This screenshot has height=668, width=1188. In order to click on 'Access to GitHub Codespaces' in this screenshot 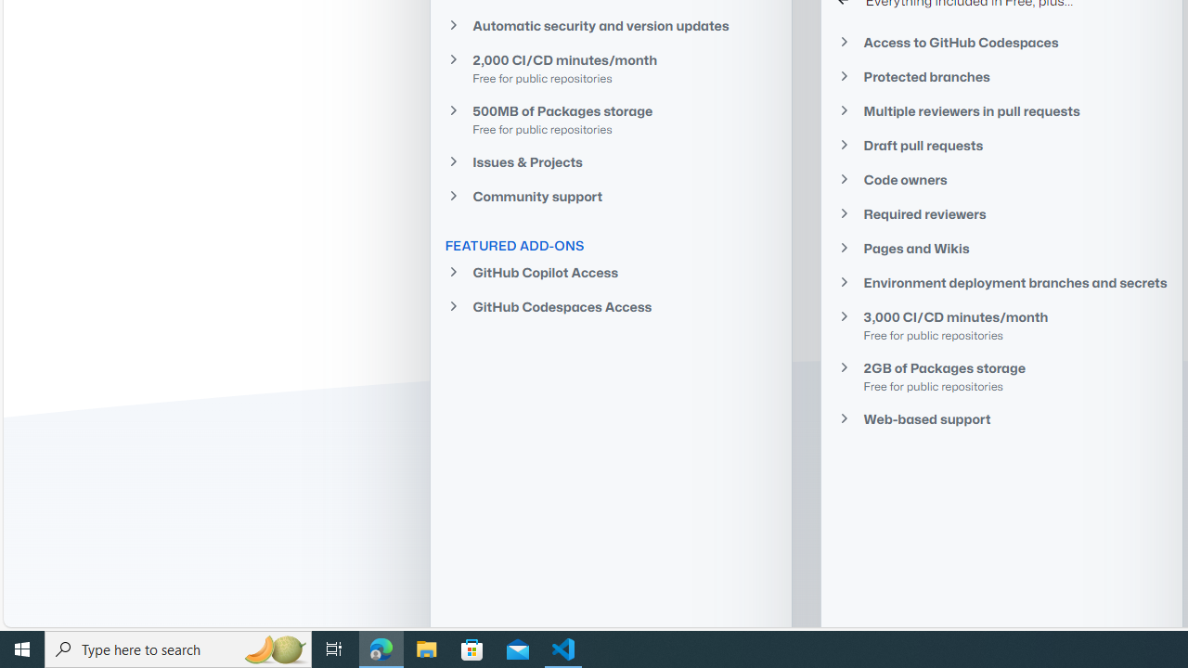, I will do `click(1001, 42)`.